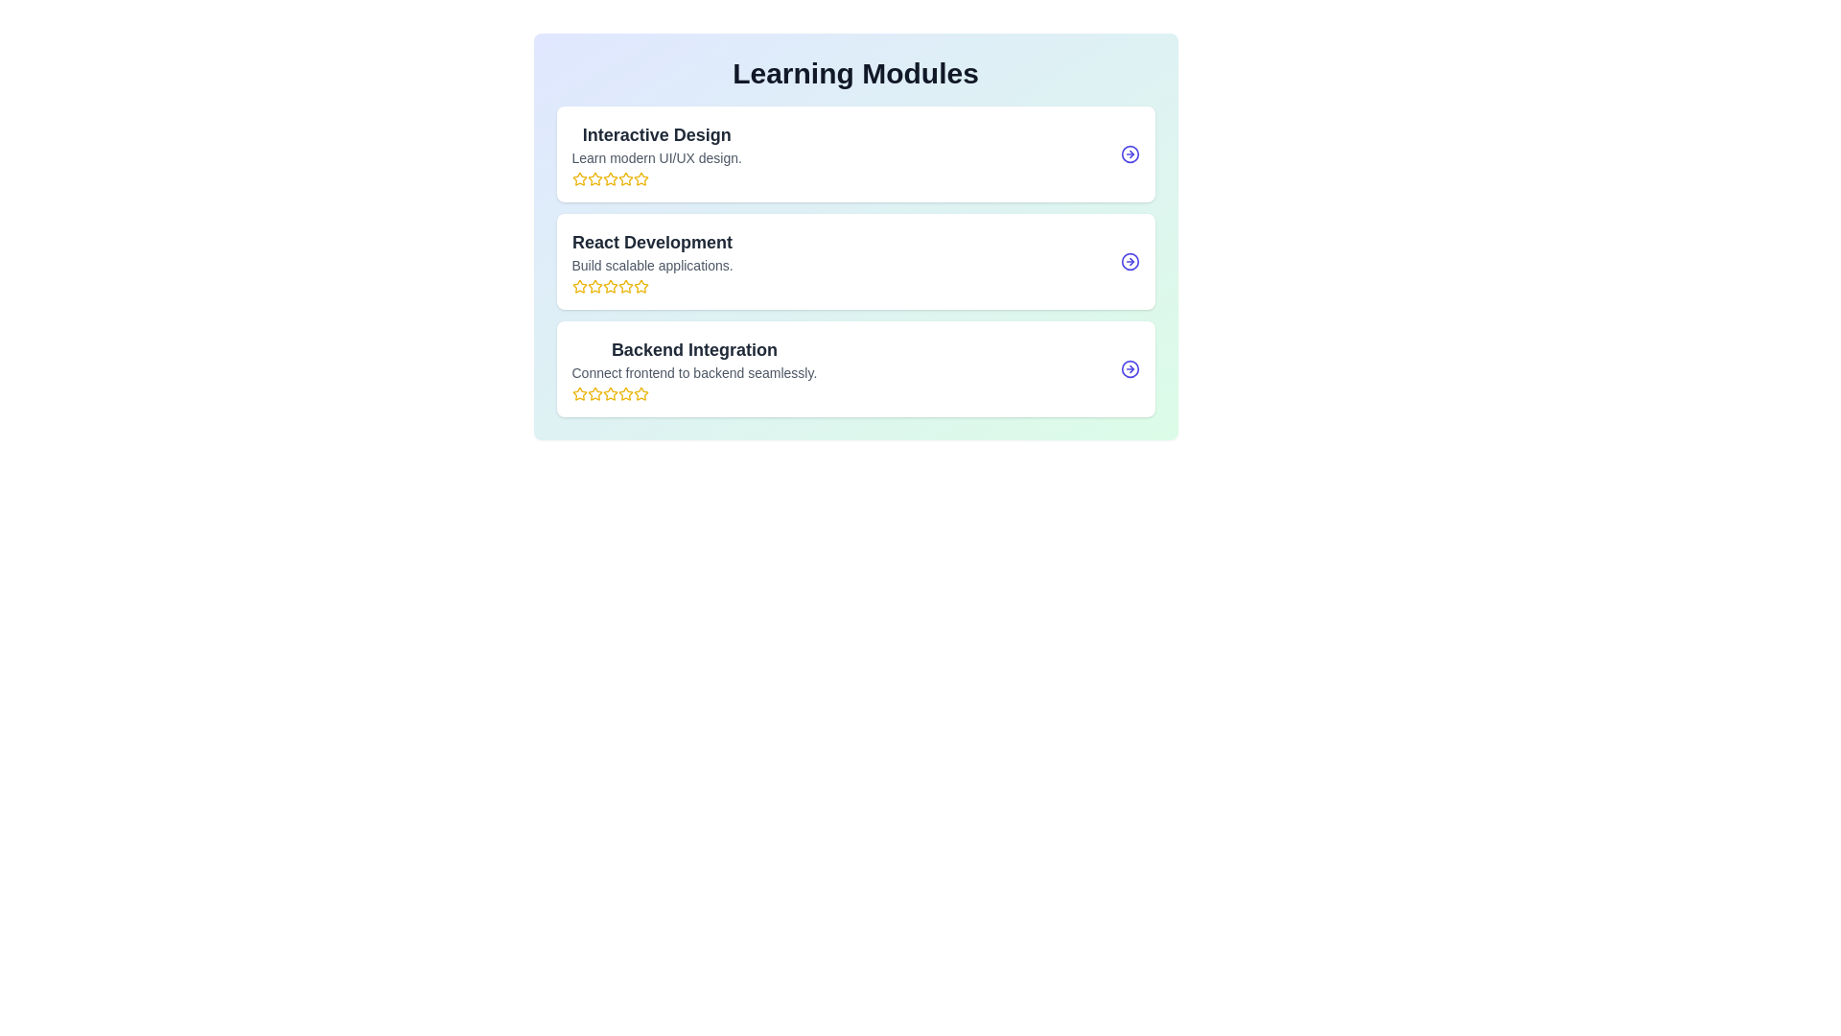  Describe the element at coordinates (854, 153) in the screenshot. I see `the module titled Interactive Design` at that location.